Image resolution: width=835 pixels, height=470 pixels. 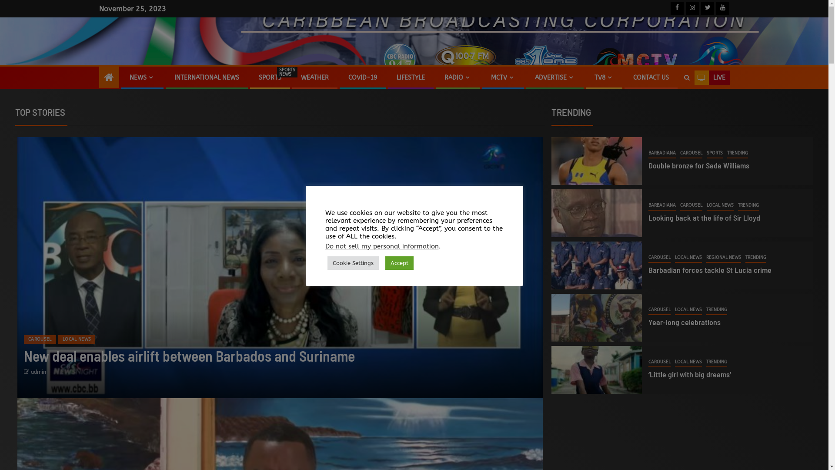 I want to click on 'admin', so click(x=38, y=372).